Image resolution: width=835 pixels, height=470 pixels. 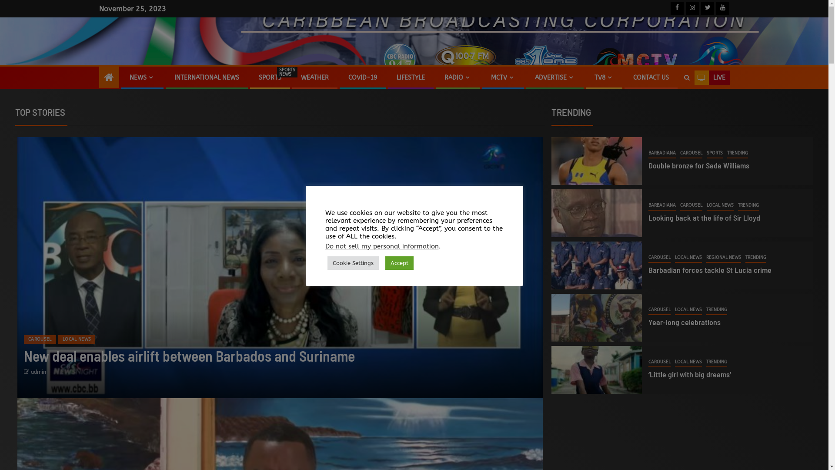 I want to click on 'admin', so click(x=38, y=372).